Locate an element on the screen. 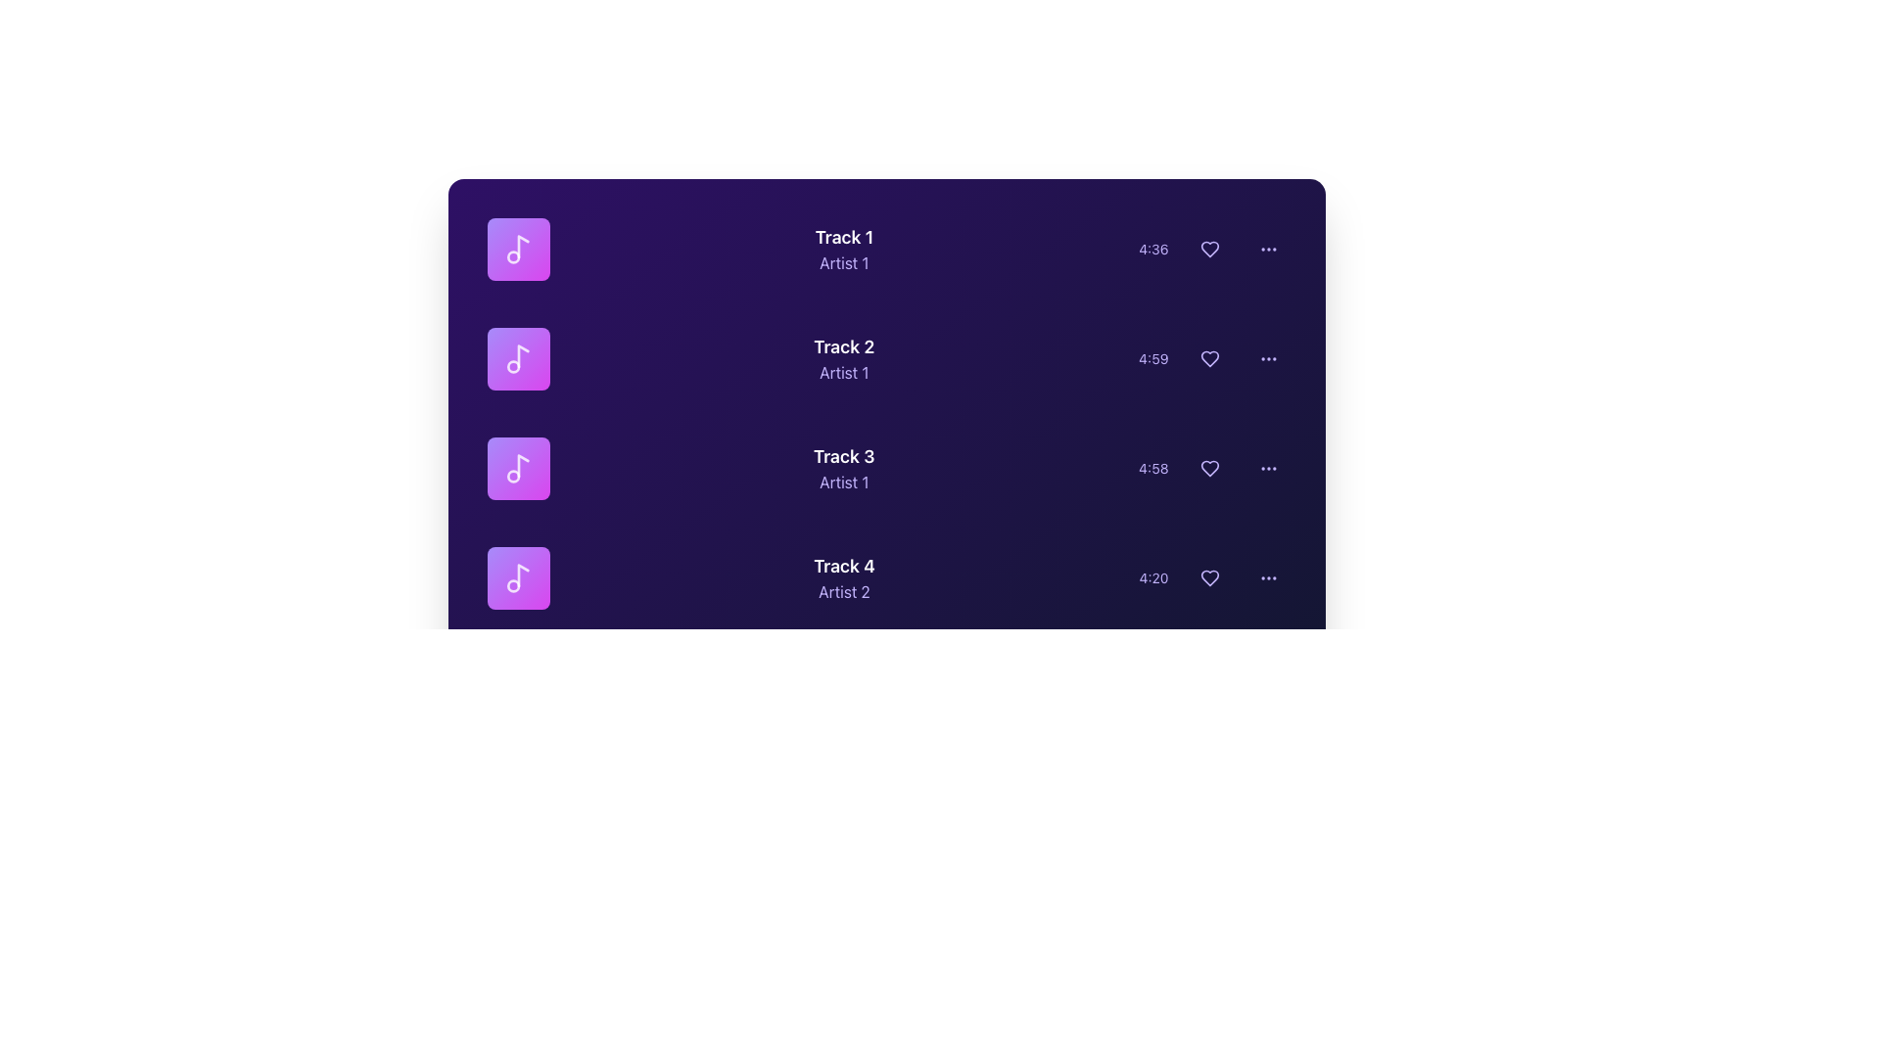 This screenshot has width=1880, height=1057. the overflow menu trigger icon (SVG representing an ellipsis) located in the rightmost section of the row for 'Track 4' is located at coordinates (1268, 576).